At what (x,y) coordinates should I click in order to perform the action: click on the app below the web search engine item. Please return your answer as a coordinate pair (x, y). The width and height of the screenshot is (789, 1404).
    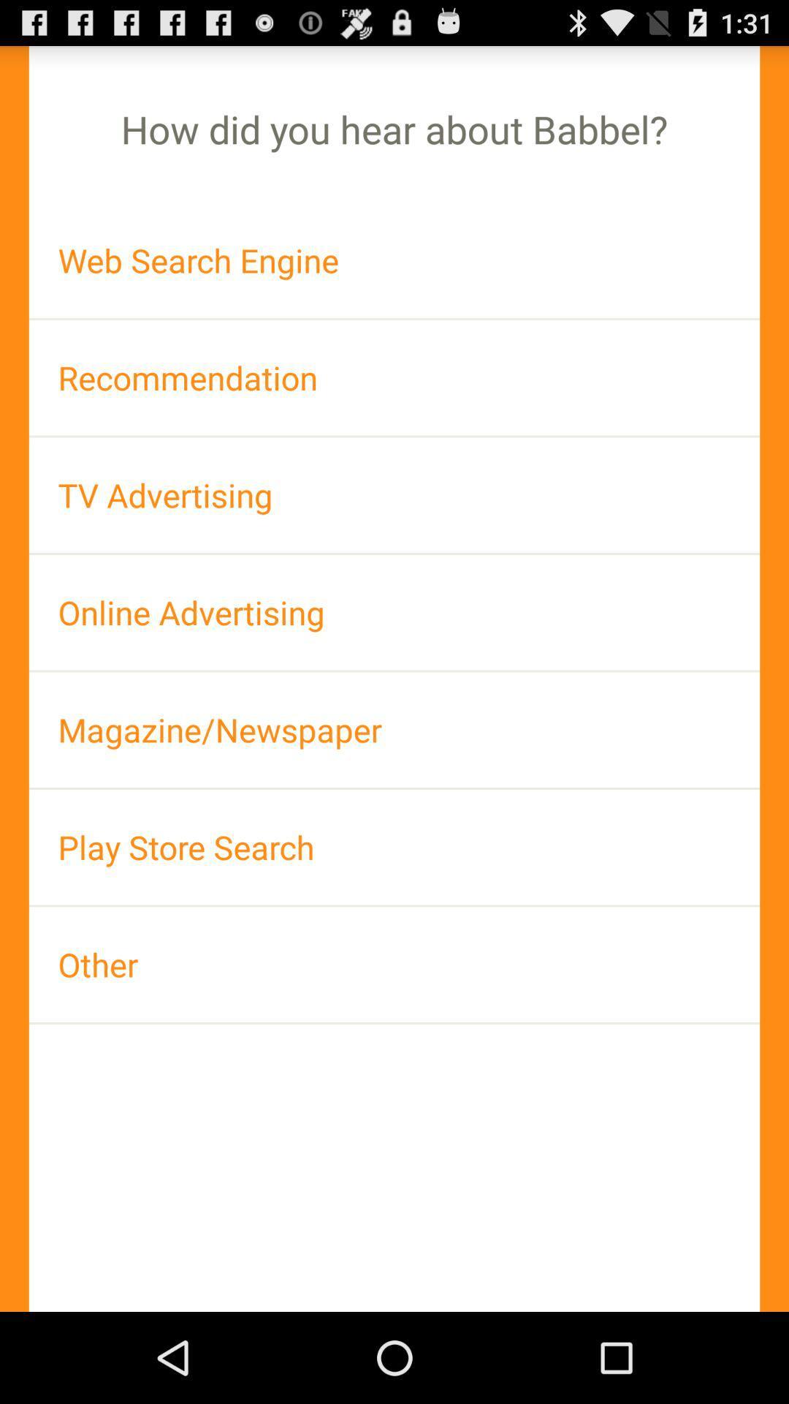
    Looking at the image, I should click on (394, 377).